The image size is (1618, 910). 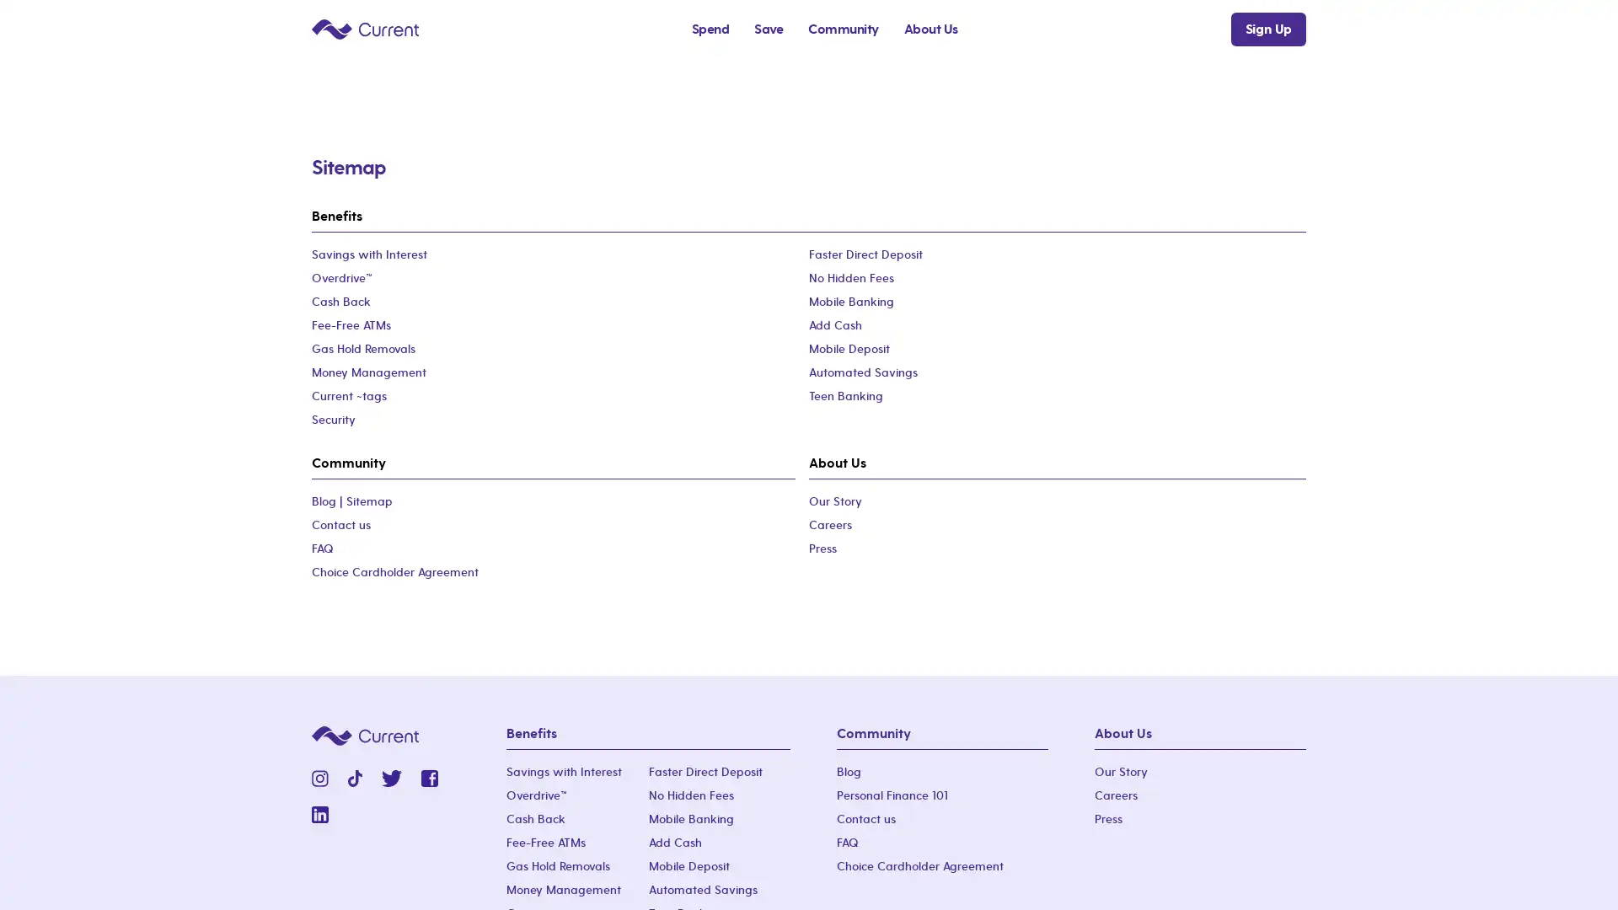 What do you see at coordinates (690, 796) in the screenshot?
I see `No Hidden Fees` at bounding box center [690, 796].